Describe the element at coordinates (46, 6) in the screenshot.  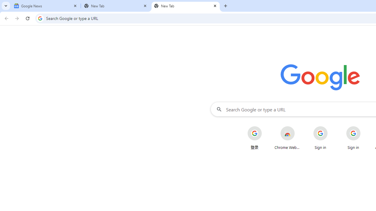
I see `'Google News'` at that location.